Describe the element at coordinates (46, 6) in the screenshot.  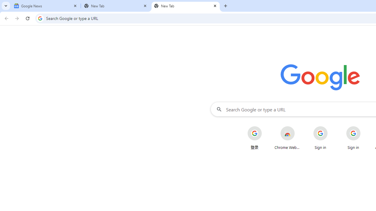
I see `'Google News'` at that location.